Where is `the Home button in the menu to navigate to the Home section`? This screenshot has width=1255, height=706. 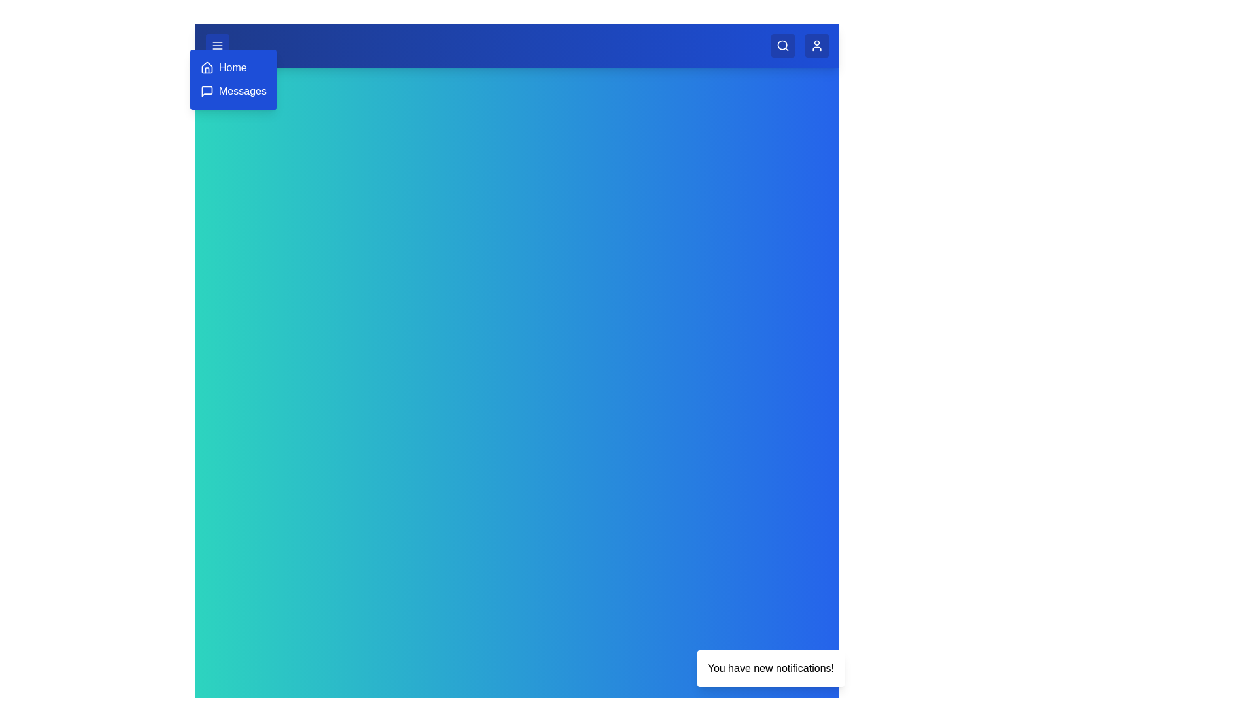 the Home button in the menu to navigate to the Home section is located at coordinates (223, 68).